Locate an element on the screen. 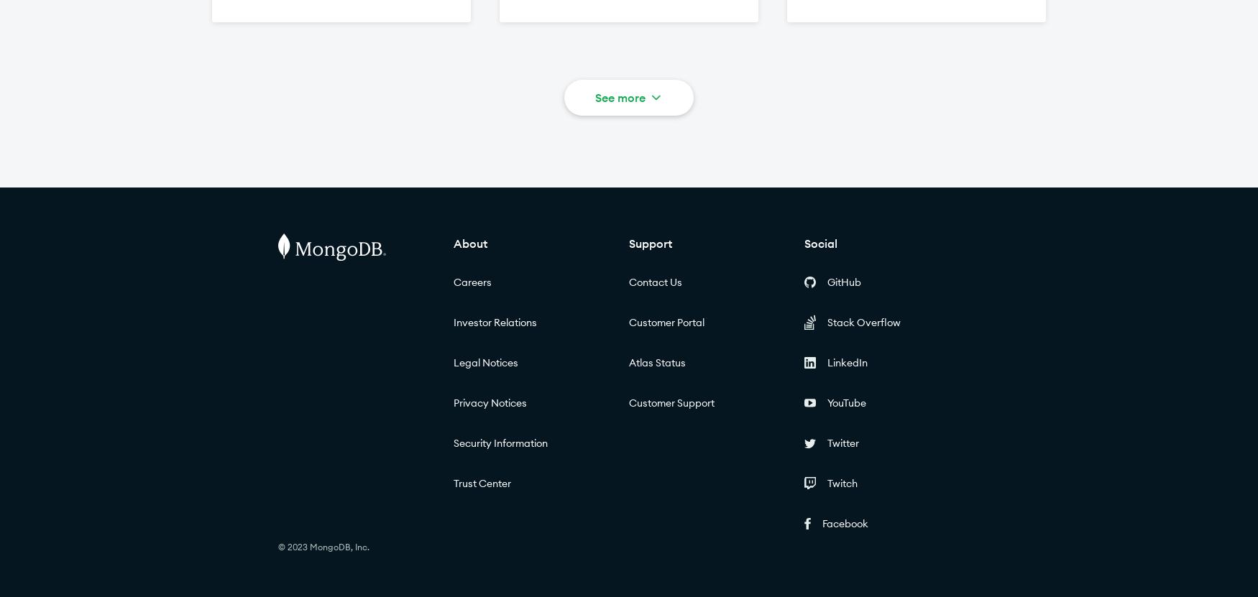  'Customer Support' is located at coordinates (671, 403).